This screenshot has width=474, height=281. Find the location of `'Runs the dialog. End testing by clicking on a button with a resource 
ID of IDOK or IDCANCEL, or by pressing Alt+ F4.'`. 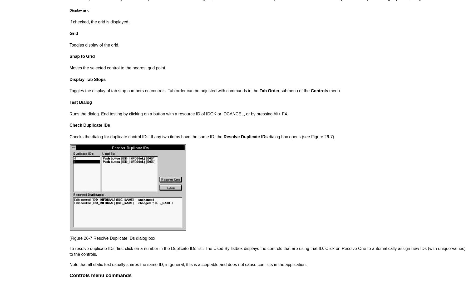

'Runs the dialog. End testing by clicking on a button with a resource 
ID of IDOK or IDCANCEL, or by pressing Alt+ F4.' is located at coordinates (178, 113).